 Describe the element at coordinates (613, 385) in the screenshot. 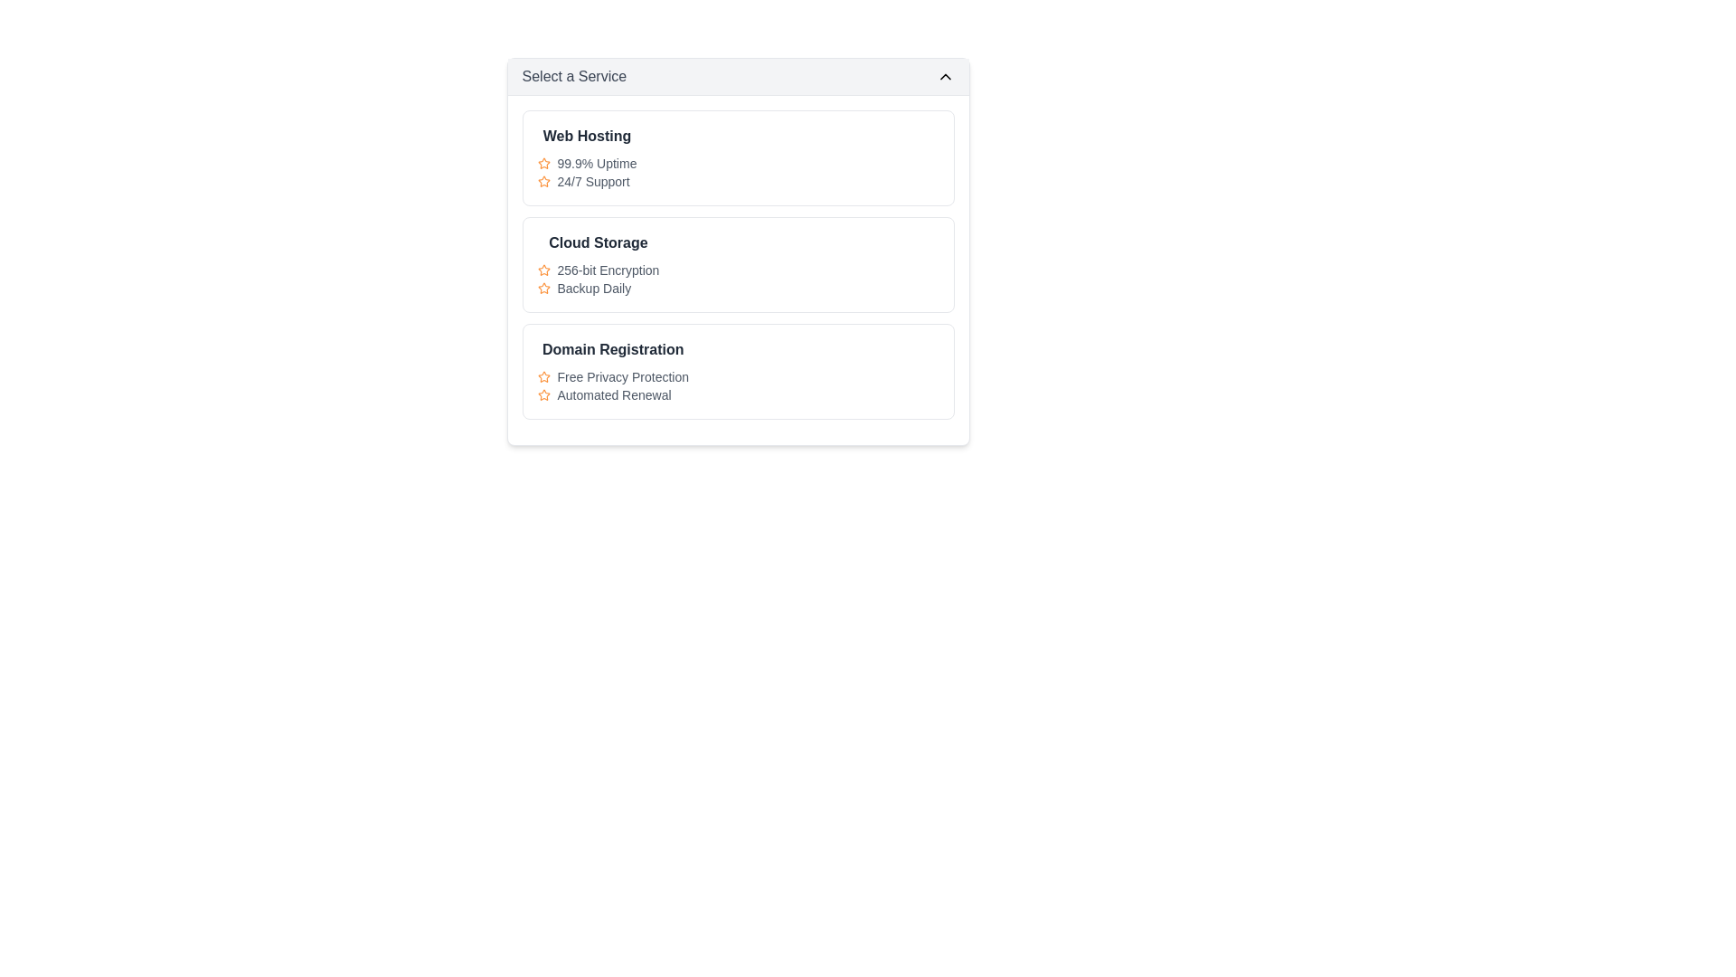

I see `text block with inline icons labeled 'Free Privacy Protection' and 'Automated Renewal' located under the 'Domain Registration' section to understand the features` at that location.